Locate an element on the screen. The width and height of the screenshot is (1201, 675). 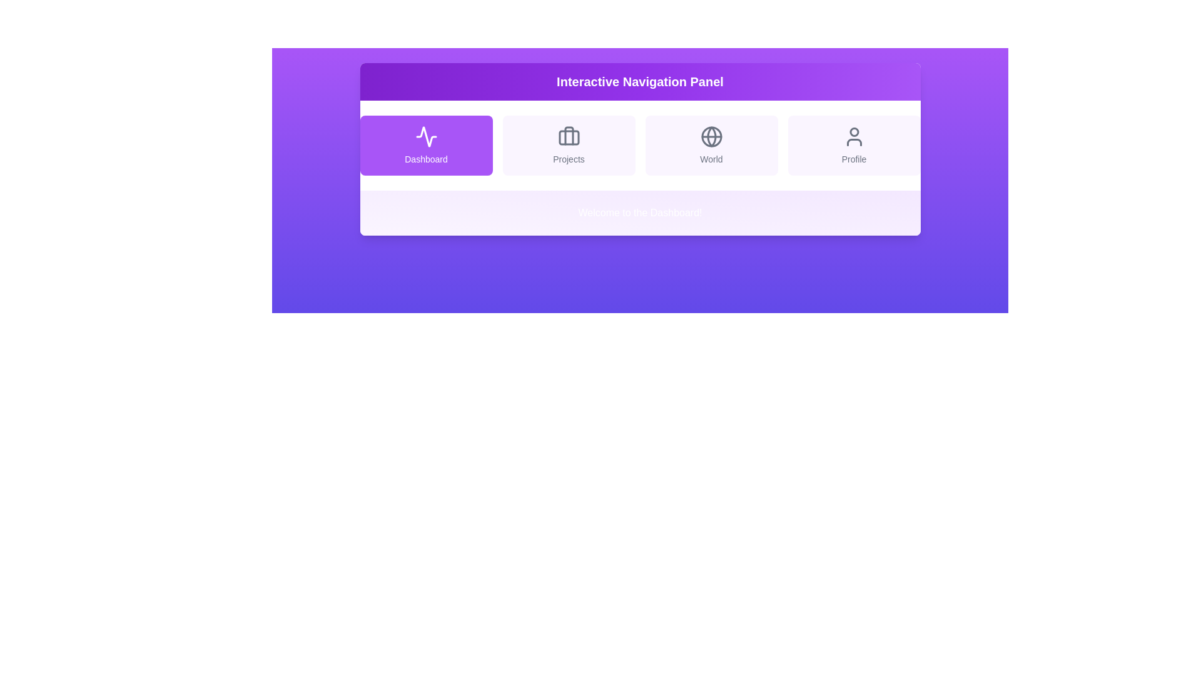
the 'Projects' icon located in the second card from the left in the navigation panel, positioned above the text 'Projects' is located at coordinates (568, 137).